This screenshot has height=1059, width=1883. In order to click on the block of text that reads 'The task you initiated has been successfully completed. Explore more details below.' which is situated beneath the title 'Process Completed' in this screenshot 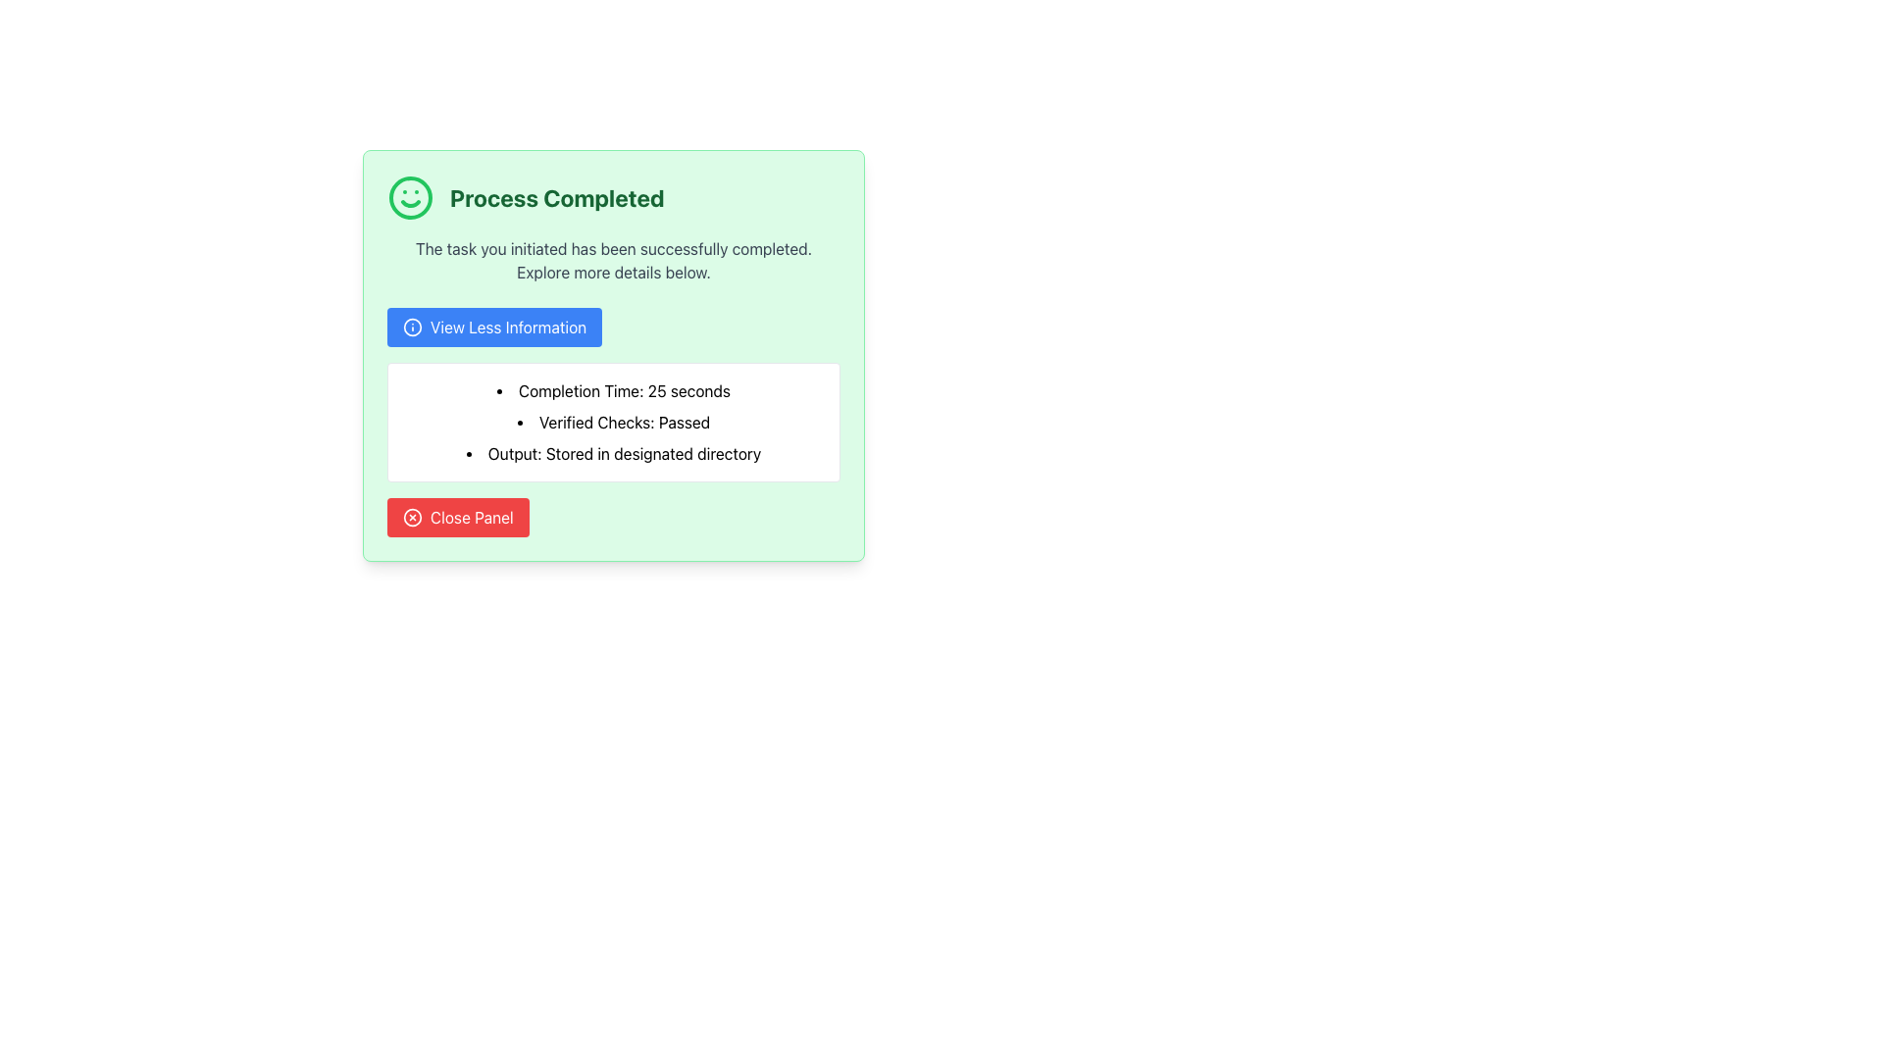, I will do `click(612, 260)`.